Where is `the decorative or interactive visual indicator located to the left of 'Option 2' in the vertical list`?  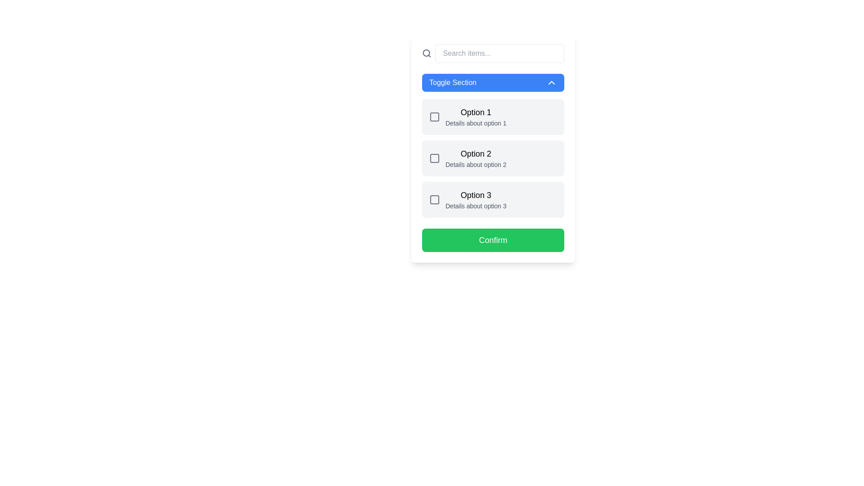 the decorative or interactive visual indicator located to the left of 'Option 2' in the vertical list is located at coordinates (434, 157).